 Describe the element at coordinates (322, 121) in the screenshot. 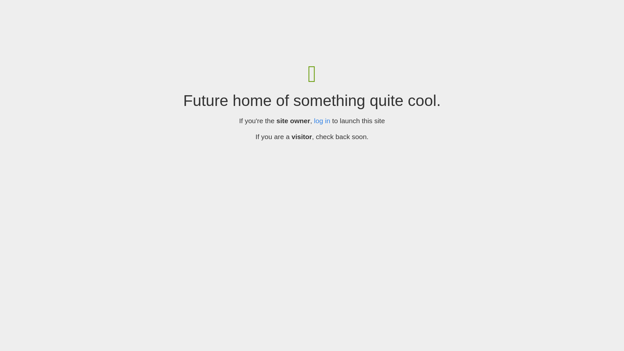

I see `'log in'` at that location.